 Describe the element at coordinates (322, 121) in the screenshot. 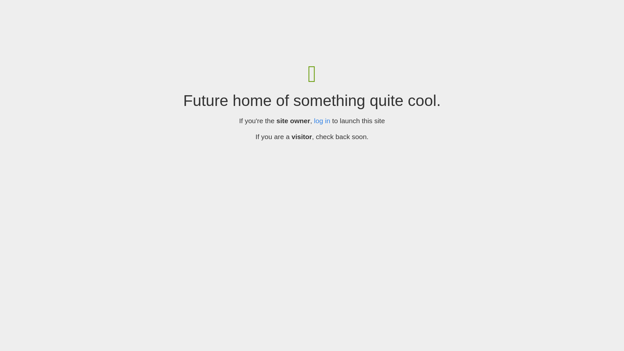

I see `'log in'` at that location.